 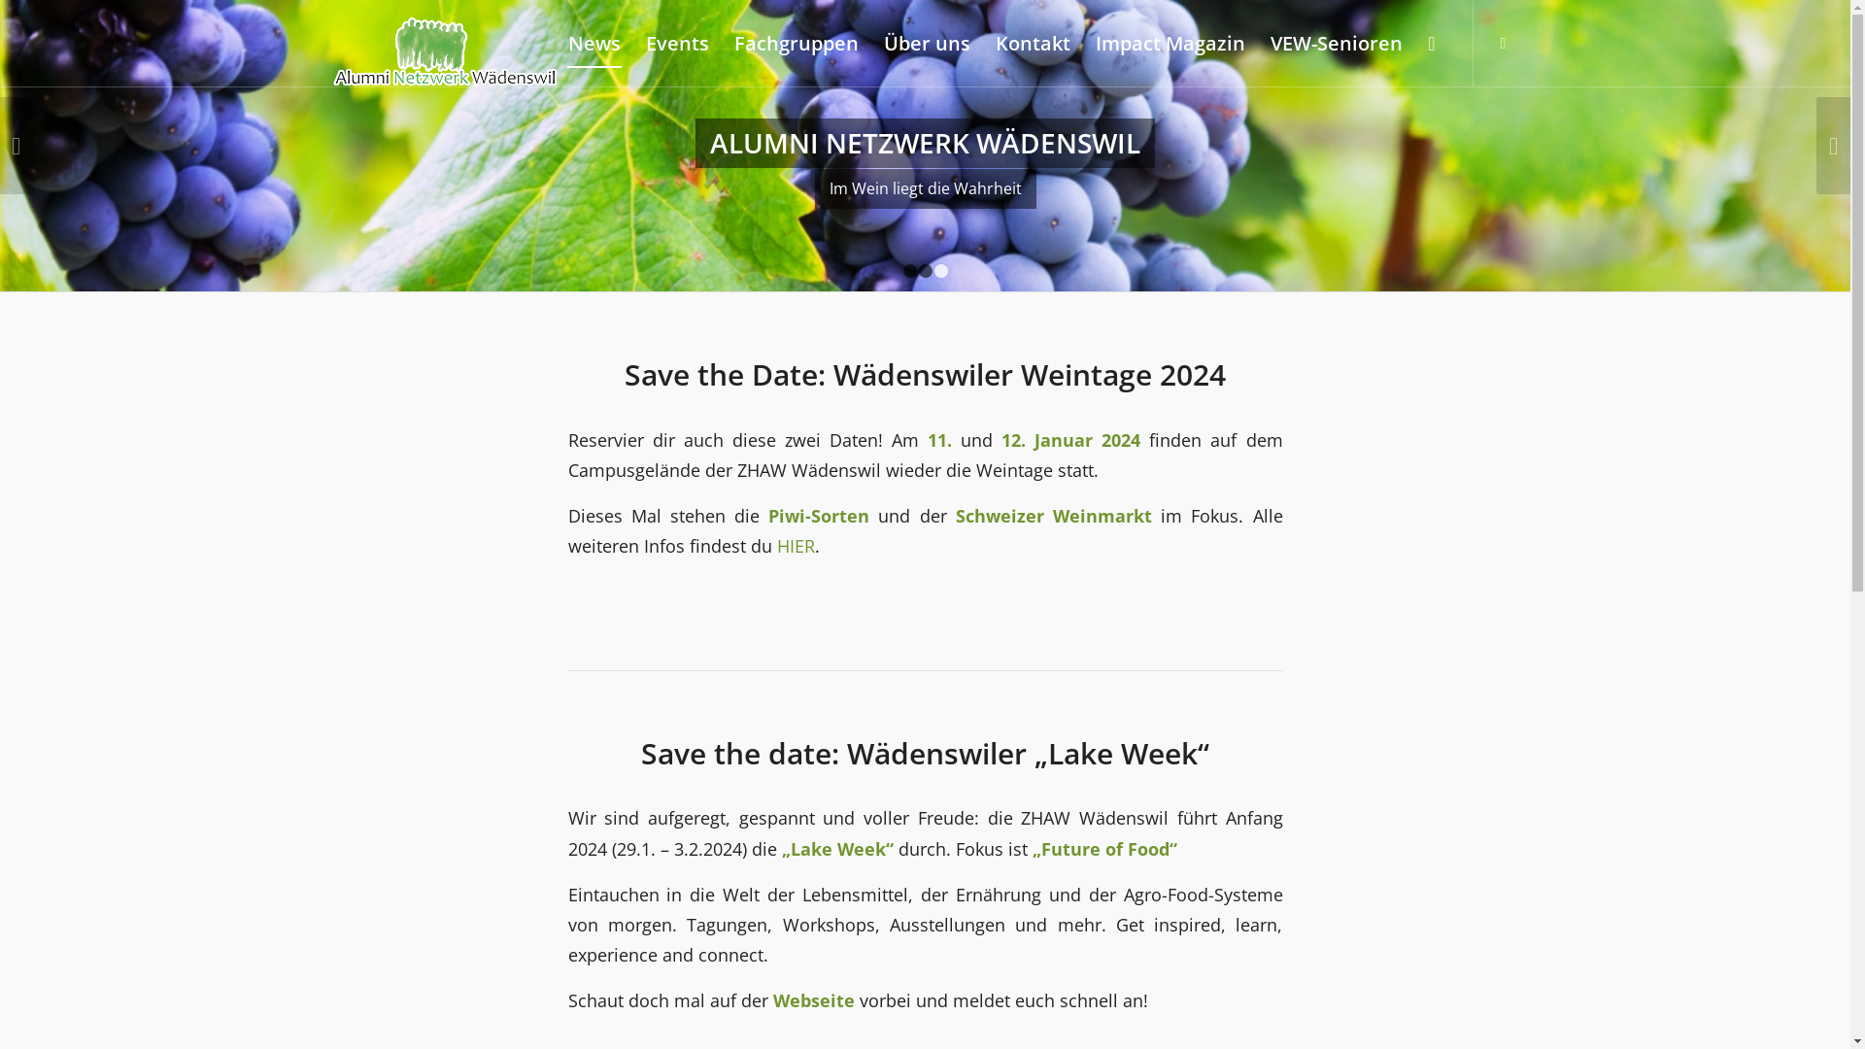 I want to click on 'VEW-Senioren', so click(x=1258, y=44).